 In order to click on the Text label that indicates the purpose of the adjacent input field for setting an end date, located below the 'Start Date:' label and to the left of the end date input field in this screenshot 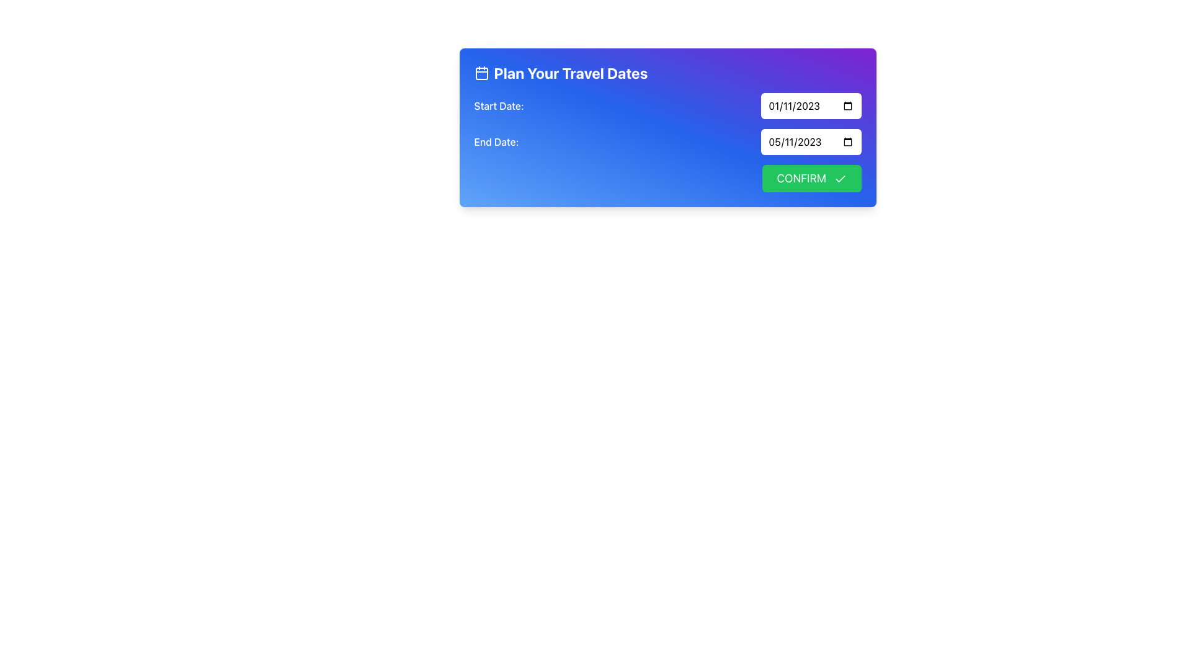, I will do `click(496, 141)`.